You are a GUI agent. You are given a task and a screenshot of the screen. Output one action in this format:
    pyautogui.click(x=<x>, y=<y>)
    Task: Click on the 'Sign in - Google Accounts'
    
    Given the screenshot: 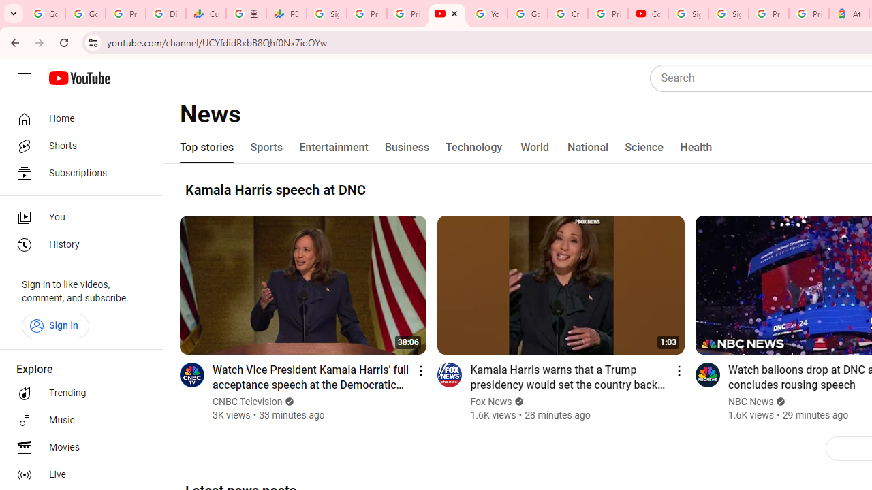 What is the action you would take?
    pyautogui.click(x=688, y=14)
    